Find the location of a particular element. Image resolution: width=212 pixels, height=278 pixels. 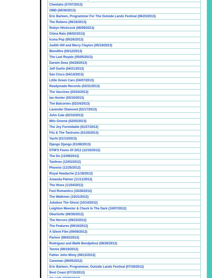

'The Walkmen (10/21/2012)' is located at coordinates (69, 196).